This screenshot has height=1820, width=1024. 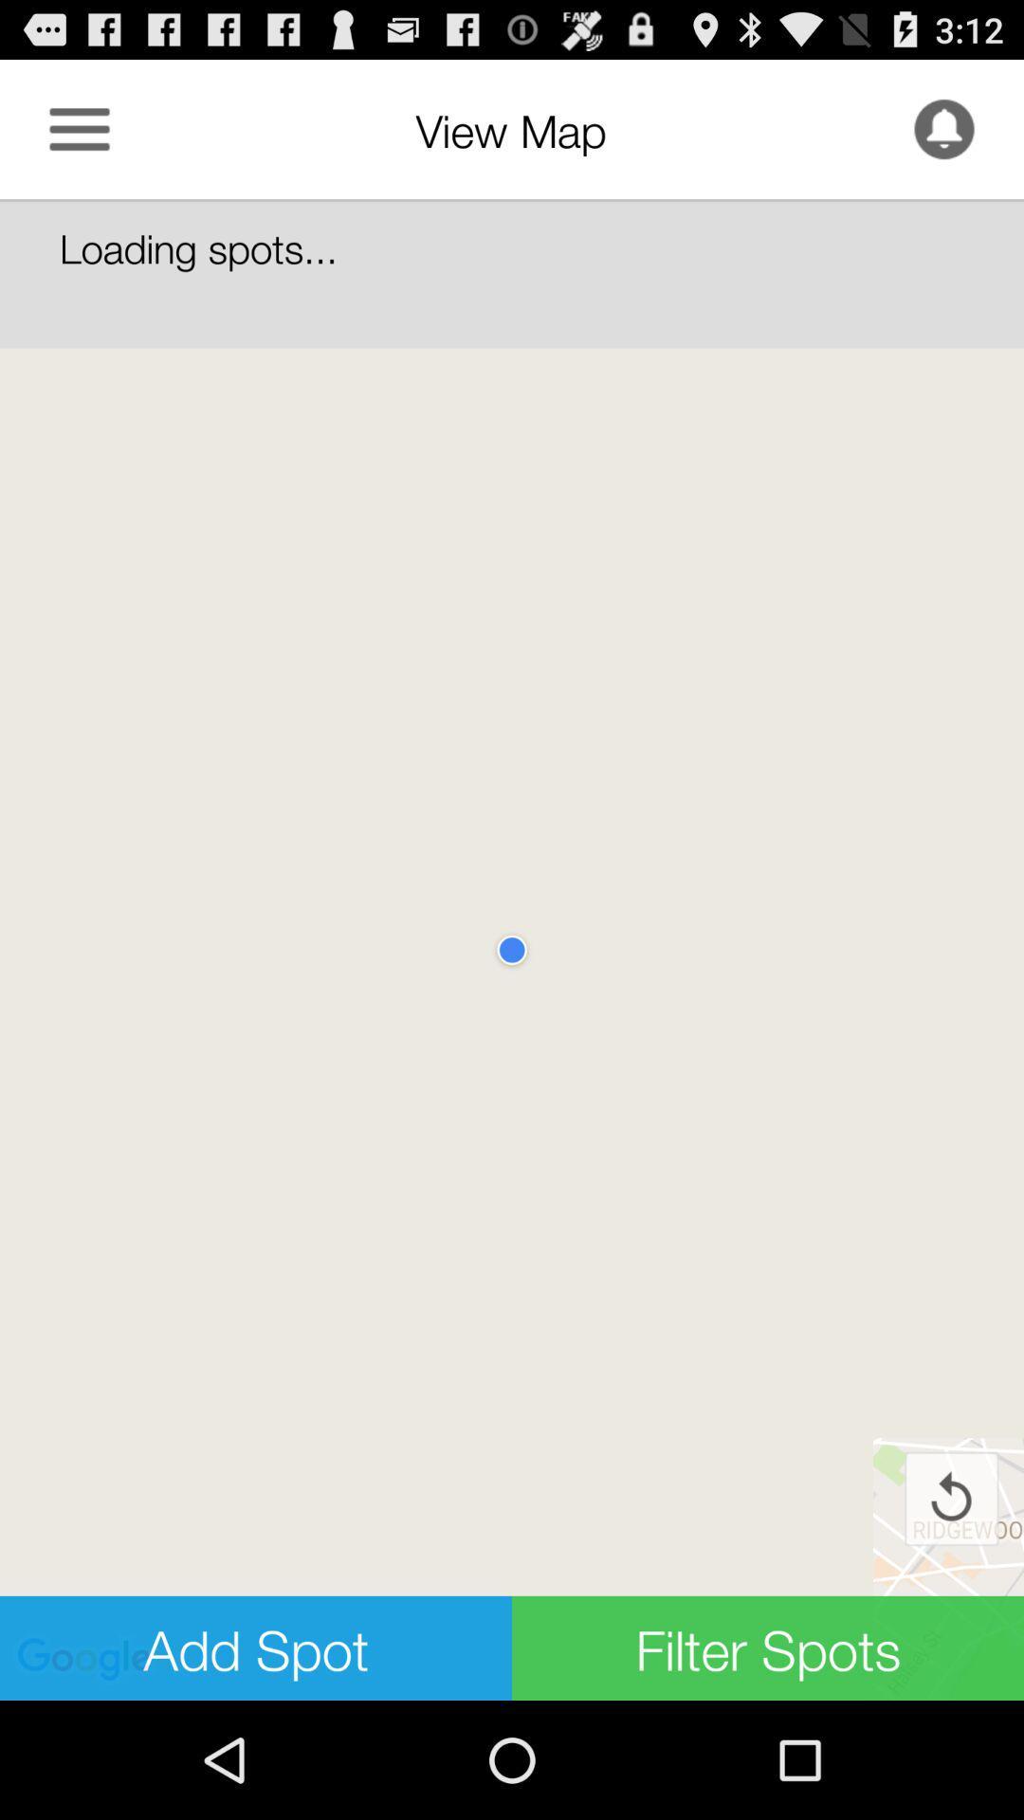 I want to click on the notifications icon, so click(x=943, y=137).